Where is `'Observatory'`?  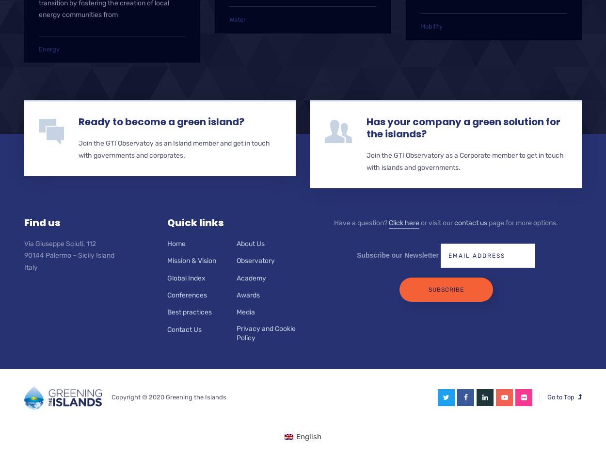 'Observatory' is located at coordinates (255, 261).